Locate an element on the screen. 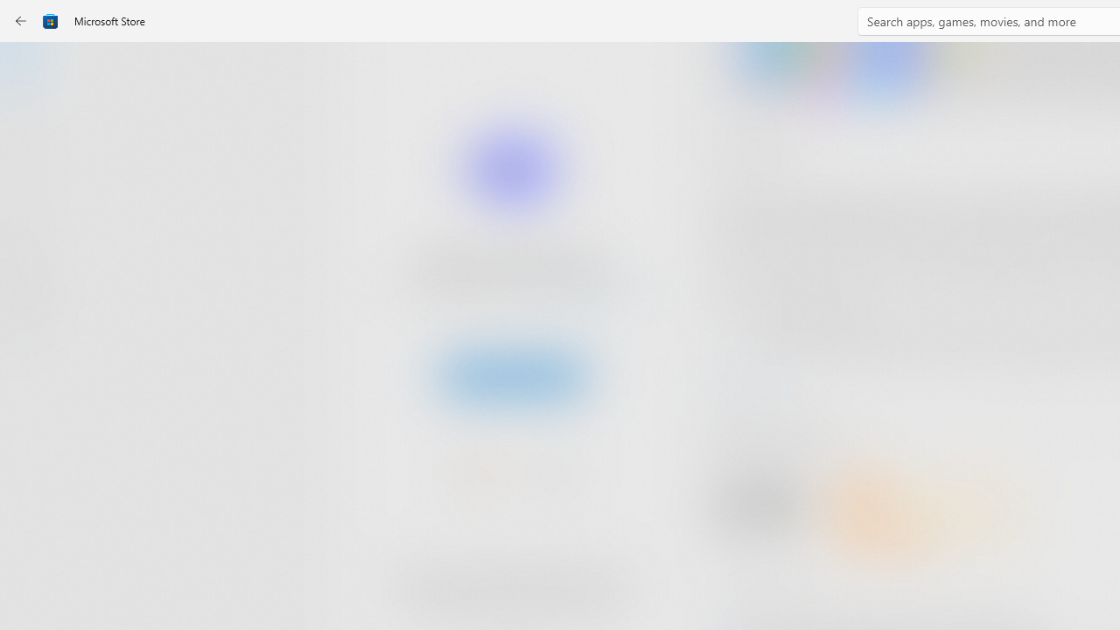 This screenshot has height=630, width=1120. 'Back' is located at coordinates (21, 21).